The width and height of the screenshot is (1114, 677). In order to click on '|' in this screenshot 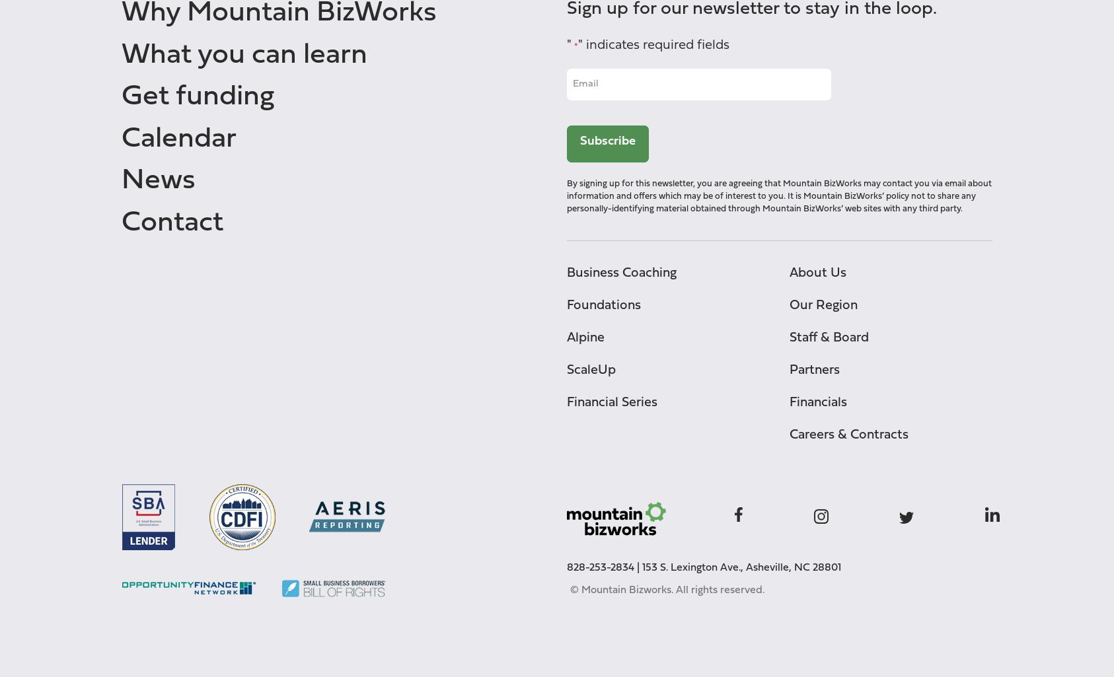, I will do `click(638, 567)`.